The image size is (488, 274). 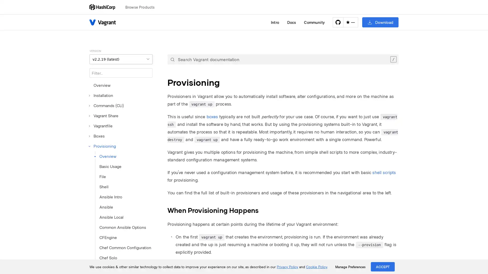 What do you see at coordinates (172, 59) in the screenshot?
I see `Submit your search query.` at bounding box center [172, 59].